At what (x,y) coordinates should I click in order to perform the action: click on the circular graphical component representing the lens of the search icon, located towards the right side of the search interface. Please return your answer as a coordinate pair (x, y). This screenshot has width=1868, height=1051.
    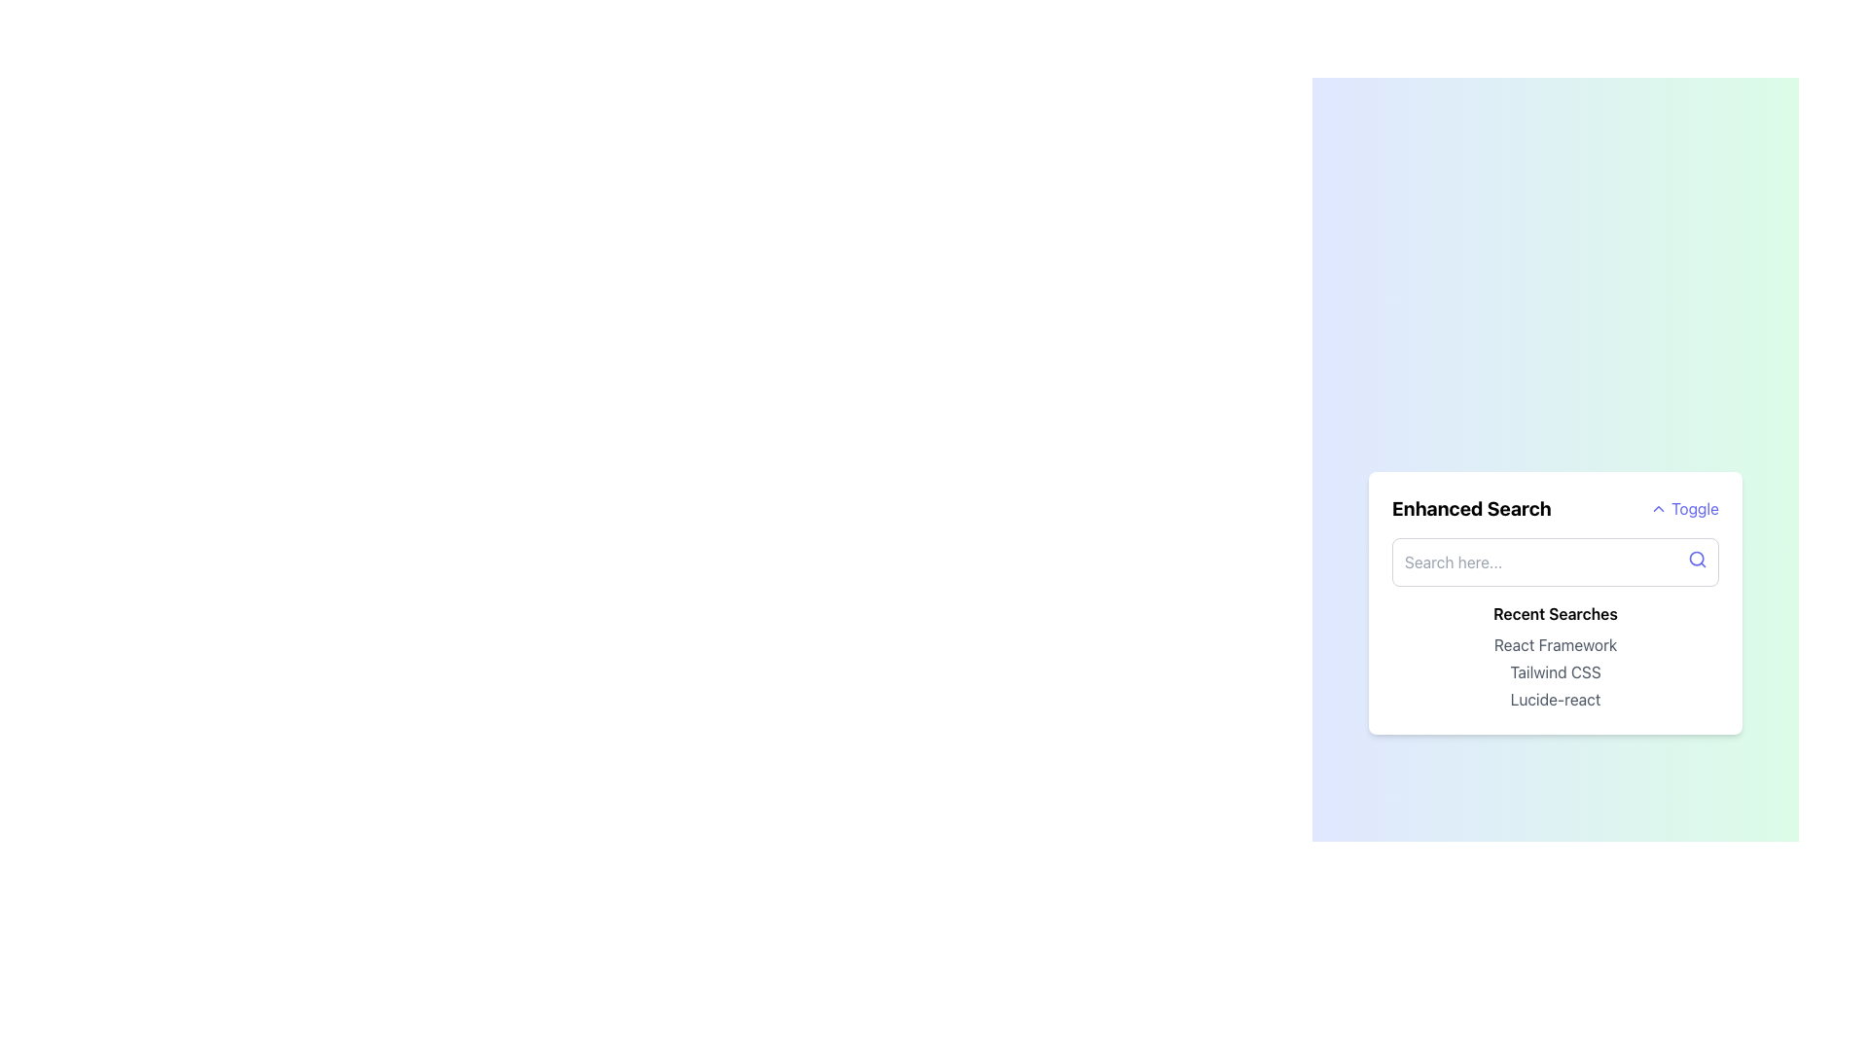
    Looking at the image, I should click on (1696, 559).